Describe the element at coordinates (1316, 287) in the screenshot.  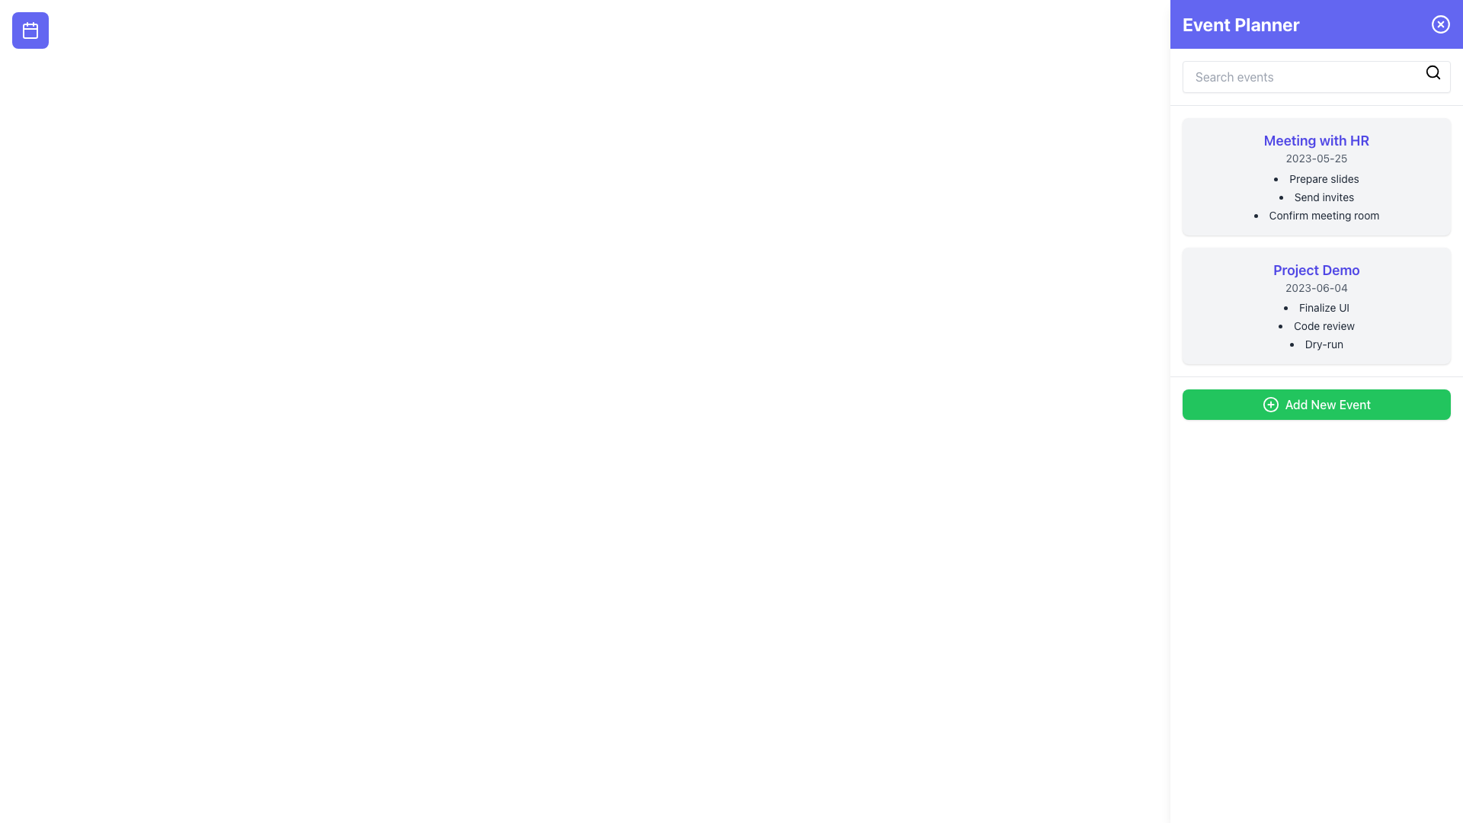
I see `text label displaying the date for the 'Project Demo' event, which is located below the event title in the right-hand panel of the interface` at that location.